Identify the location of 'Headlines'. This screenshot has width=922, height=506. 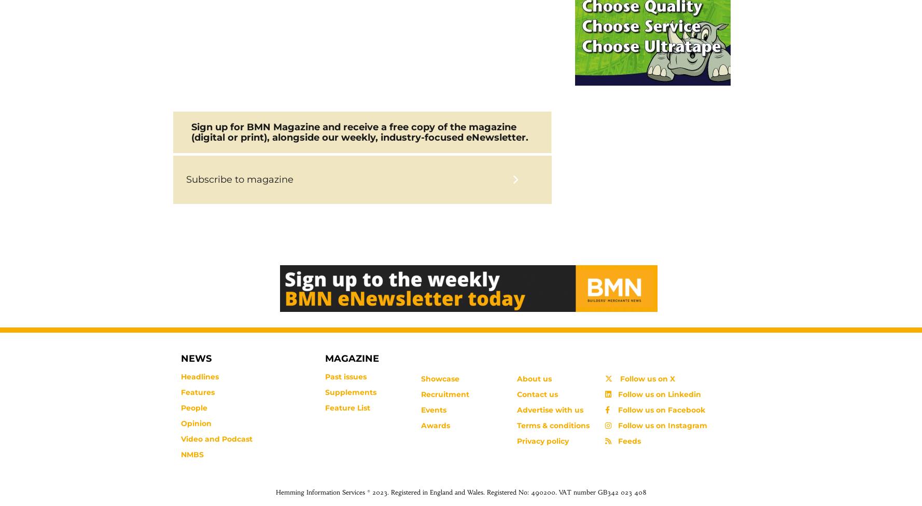
(200, 376).